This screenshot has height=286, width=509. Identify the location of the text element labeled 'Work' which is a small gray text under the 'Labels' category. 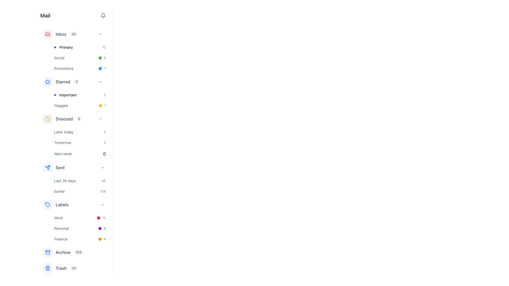
(58, 218).